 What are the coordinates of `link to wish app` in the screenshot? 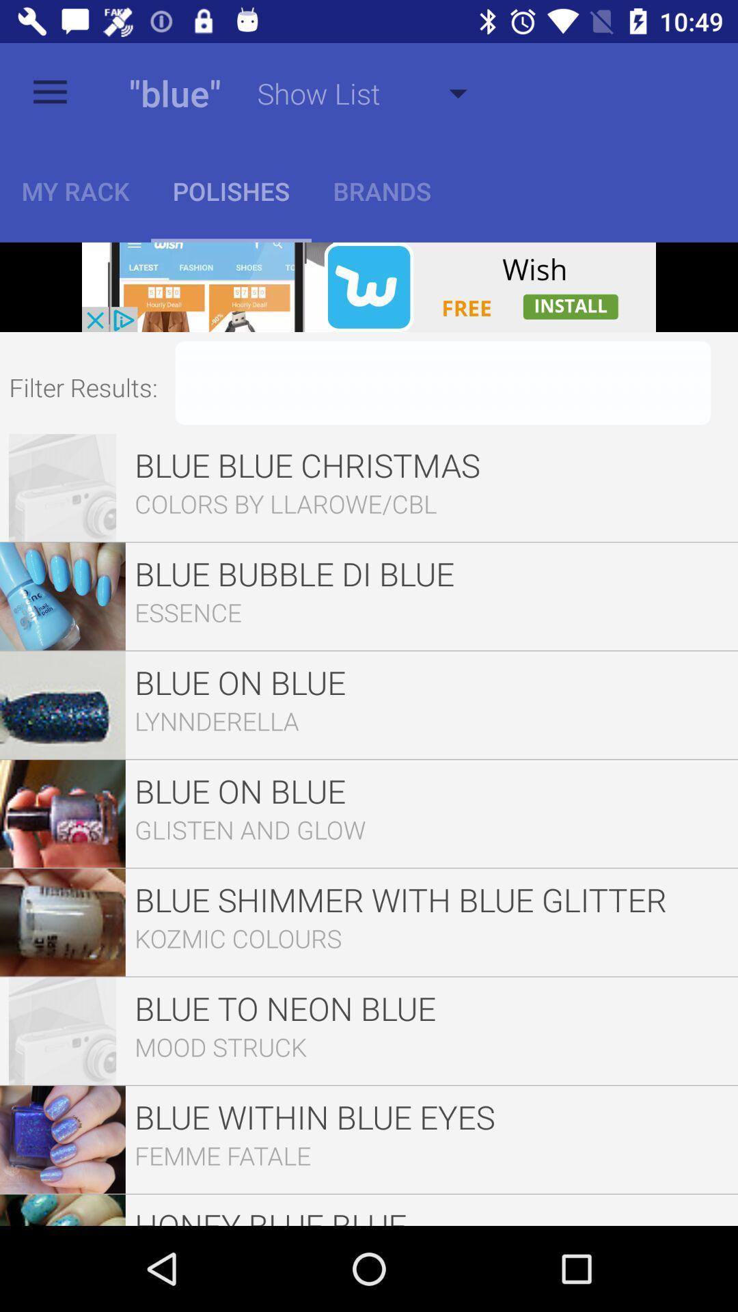 It's located at (369, 286).